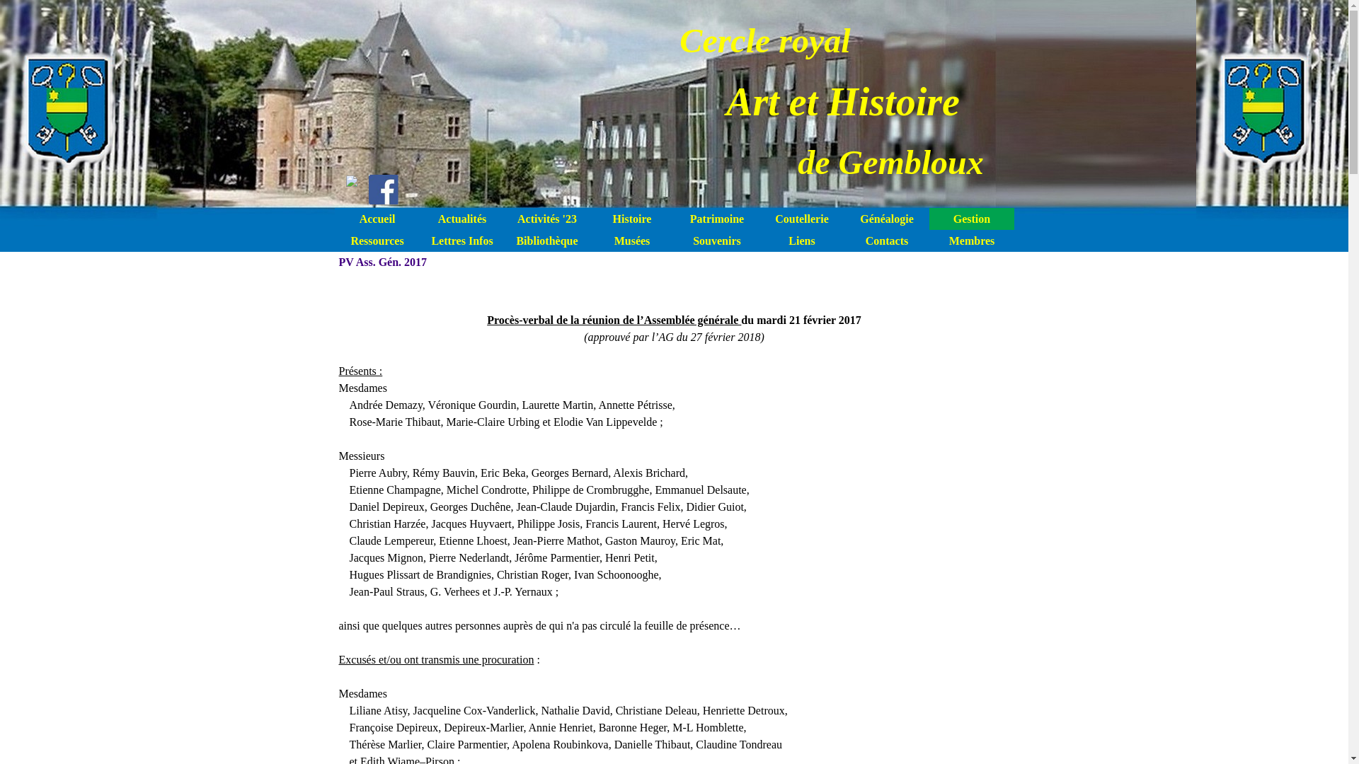 Image resolution: width=1359 pixels, height=764 pixels. Describe the element at coordinates (970, 240) in the screenshot. I see `'Membres'` at that location.